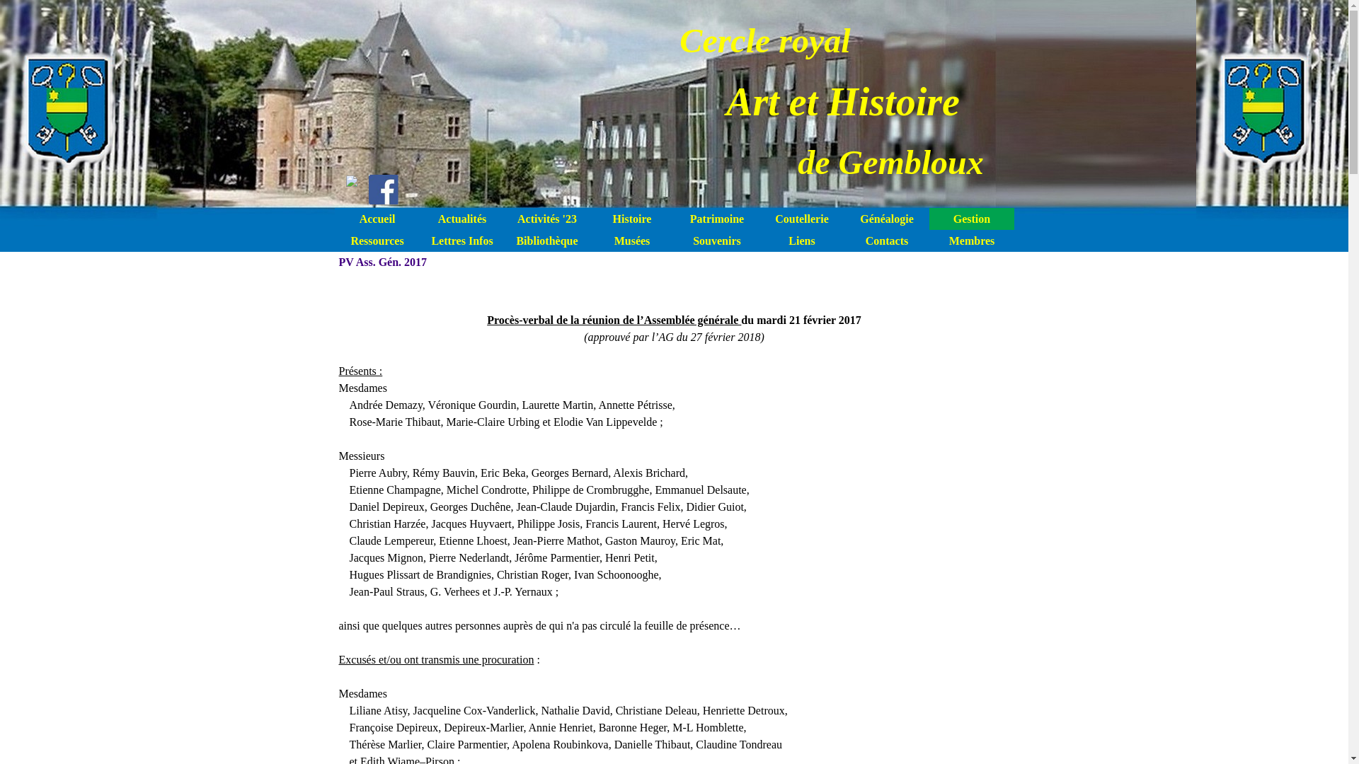 Image resolution: width=1359 pixels, height=764 pixels. Describe the element at coordinates (970, 240) in the screenshot. I see `'Membres'` at that location.